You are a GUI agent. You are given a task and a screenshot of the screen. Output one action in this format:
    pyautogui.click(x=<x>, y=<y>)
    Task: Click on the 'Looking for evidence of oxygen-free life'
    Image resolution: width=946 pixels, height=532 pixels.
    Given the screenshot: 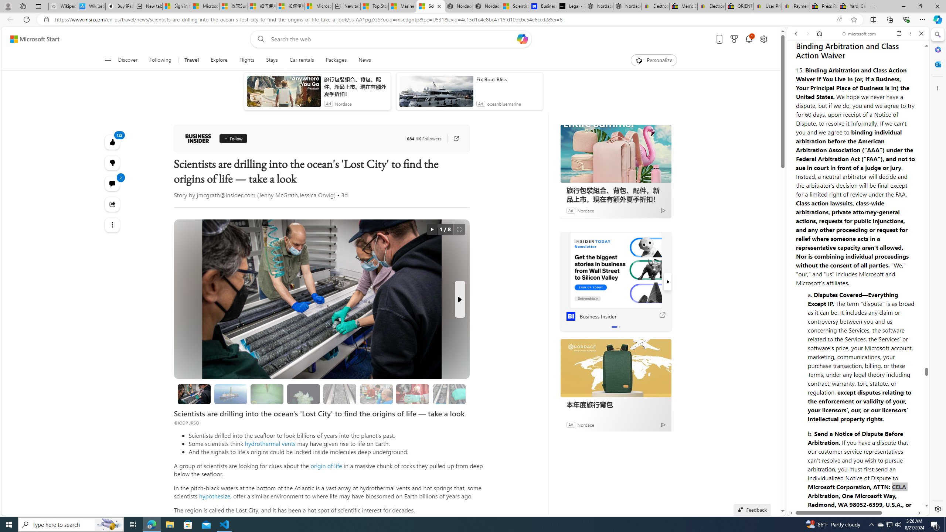 What is the action you would take?
    pyautogui.click(x=376, y=394)
    